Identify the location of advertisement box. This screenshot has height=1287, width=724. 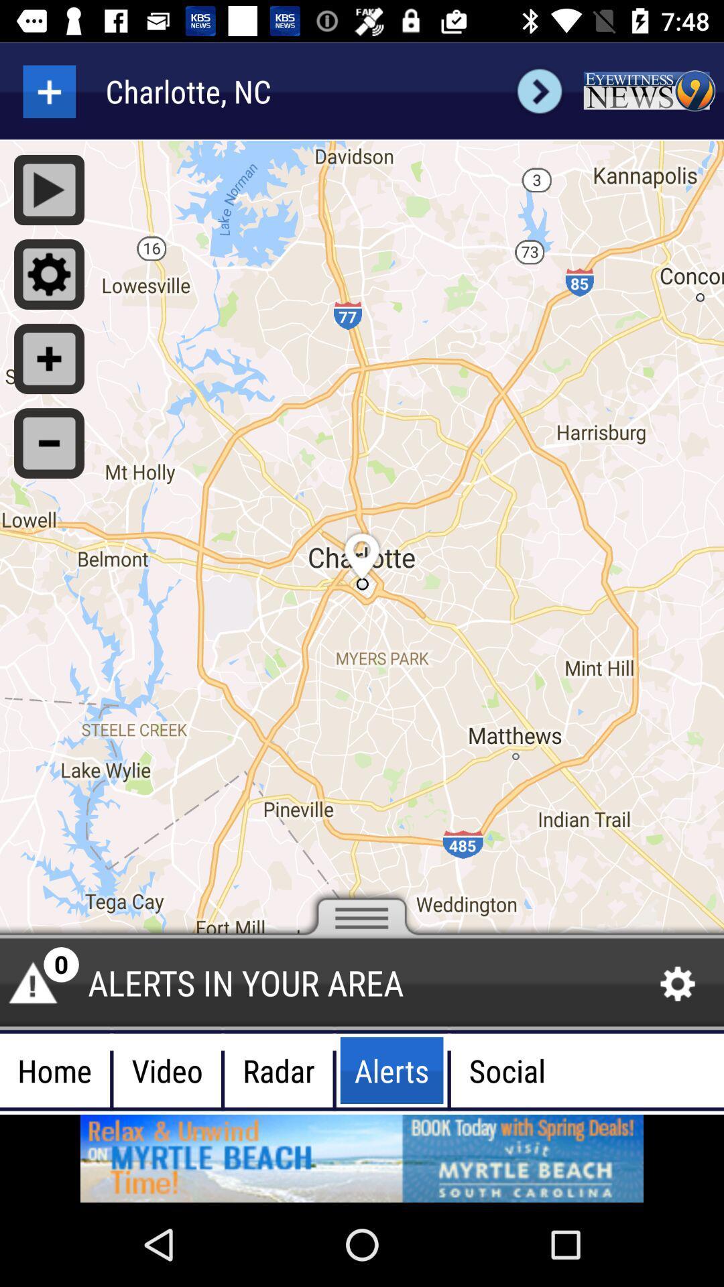
(648, 90).